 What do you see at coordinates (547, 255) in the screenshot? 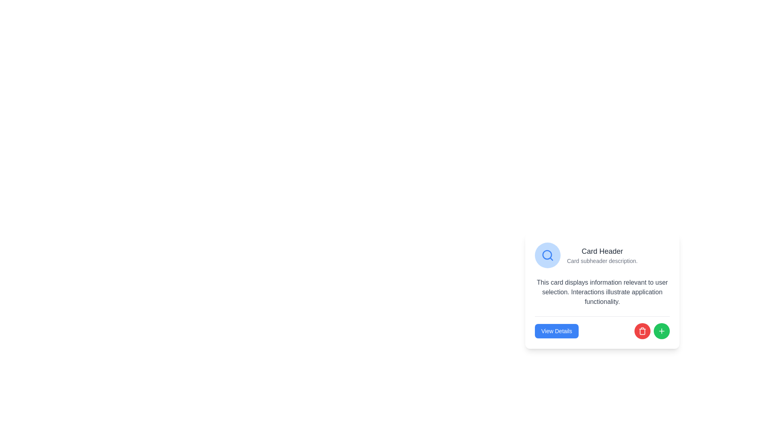
I see `the decorative vector element of the magnifying glass icon, located at the center of the icon within the card component` at bounding box center [547, 255].